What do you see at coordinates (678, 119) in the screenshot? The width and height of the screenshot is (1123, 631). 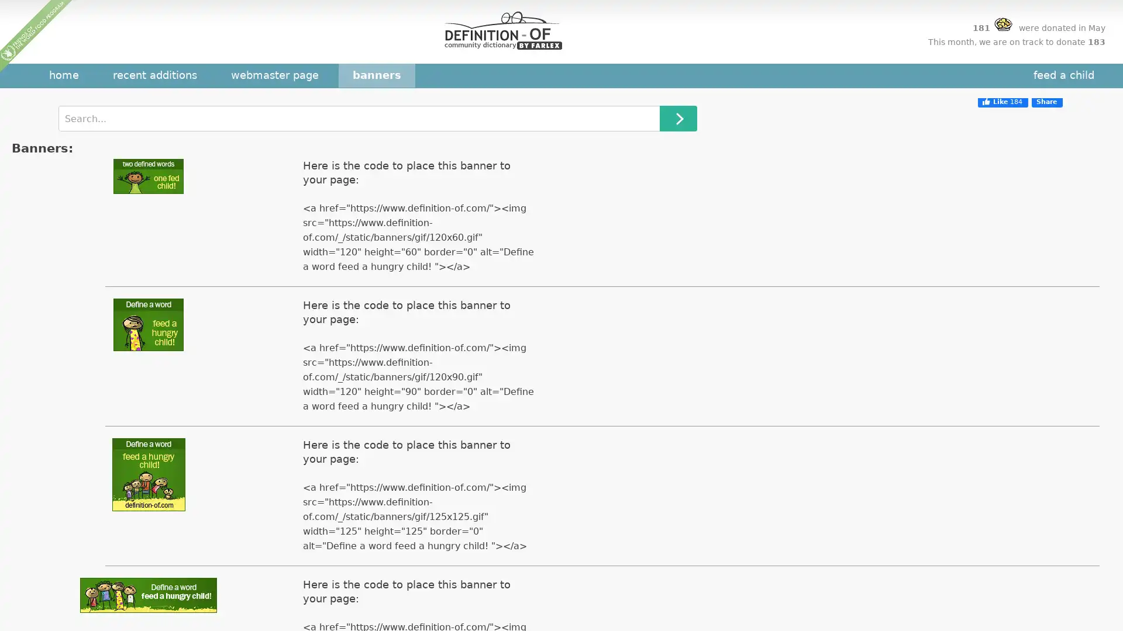 I see `Search` at bounding box center [678, 119].